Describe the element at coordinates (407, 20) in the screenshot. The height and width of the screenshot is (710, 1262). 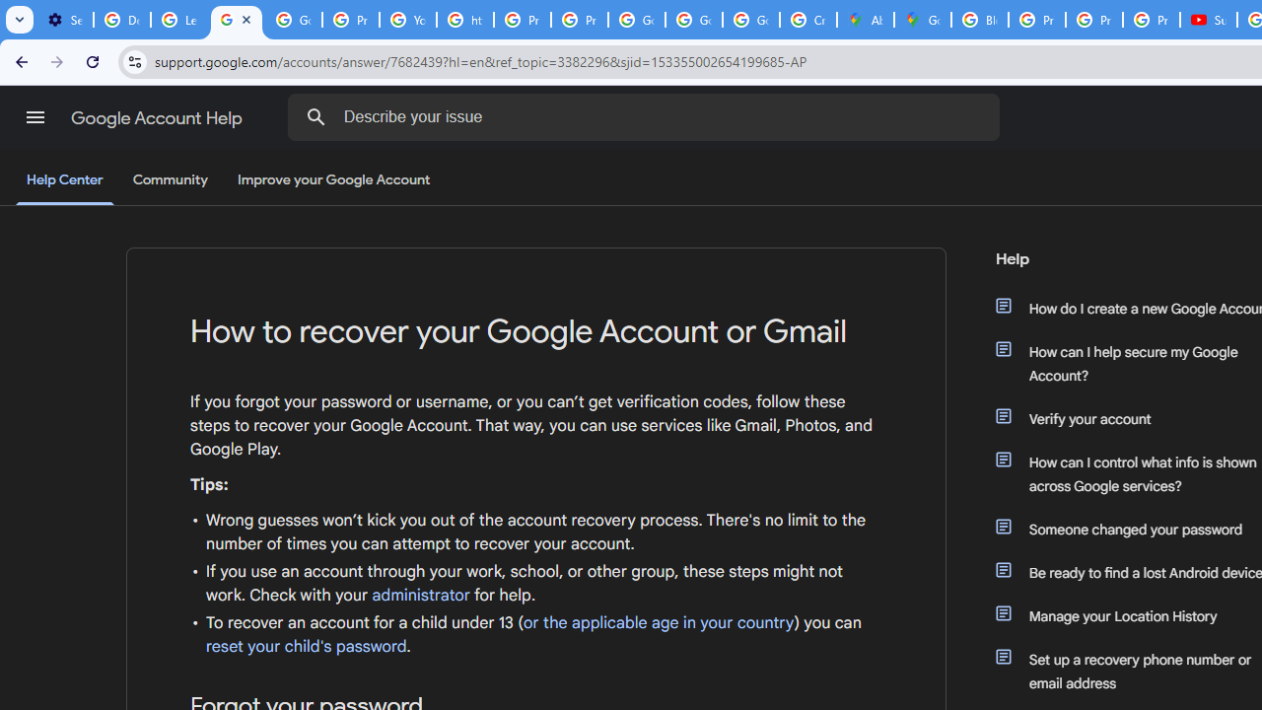
I see `'YouTube'` at that location.